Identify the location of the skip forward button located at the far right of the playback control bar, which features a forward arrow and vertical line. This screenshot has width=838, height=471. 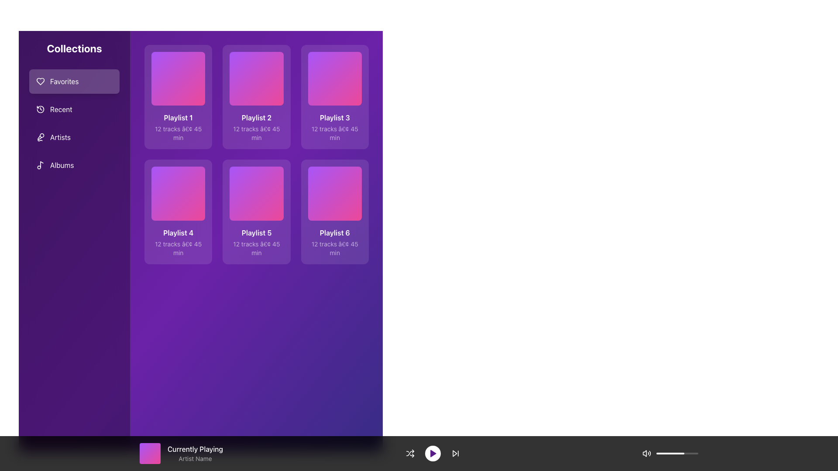
(455, 453).